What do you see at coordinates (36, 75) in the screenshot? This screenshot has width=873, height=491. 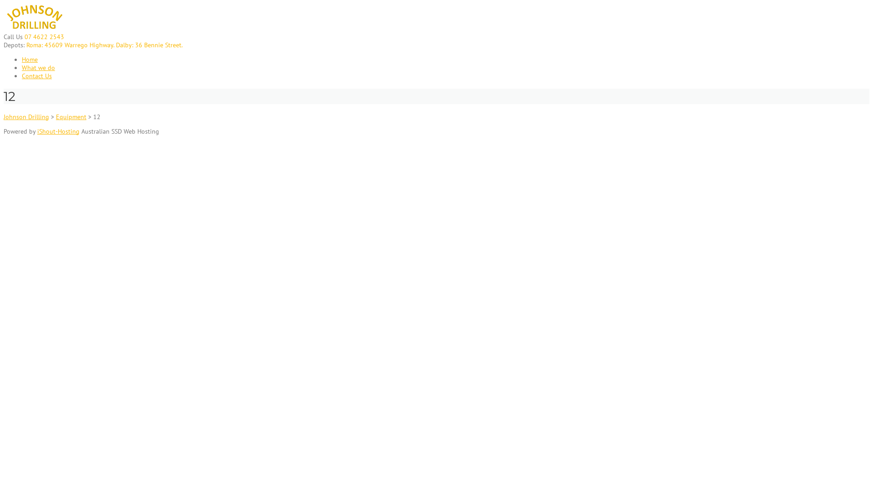 I see `'Contact Us'` at bounding box center [36, 75].